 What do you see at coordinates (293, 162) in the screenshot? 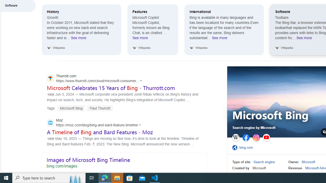
I see `'Owner'` at bounding box center [293, 162].